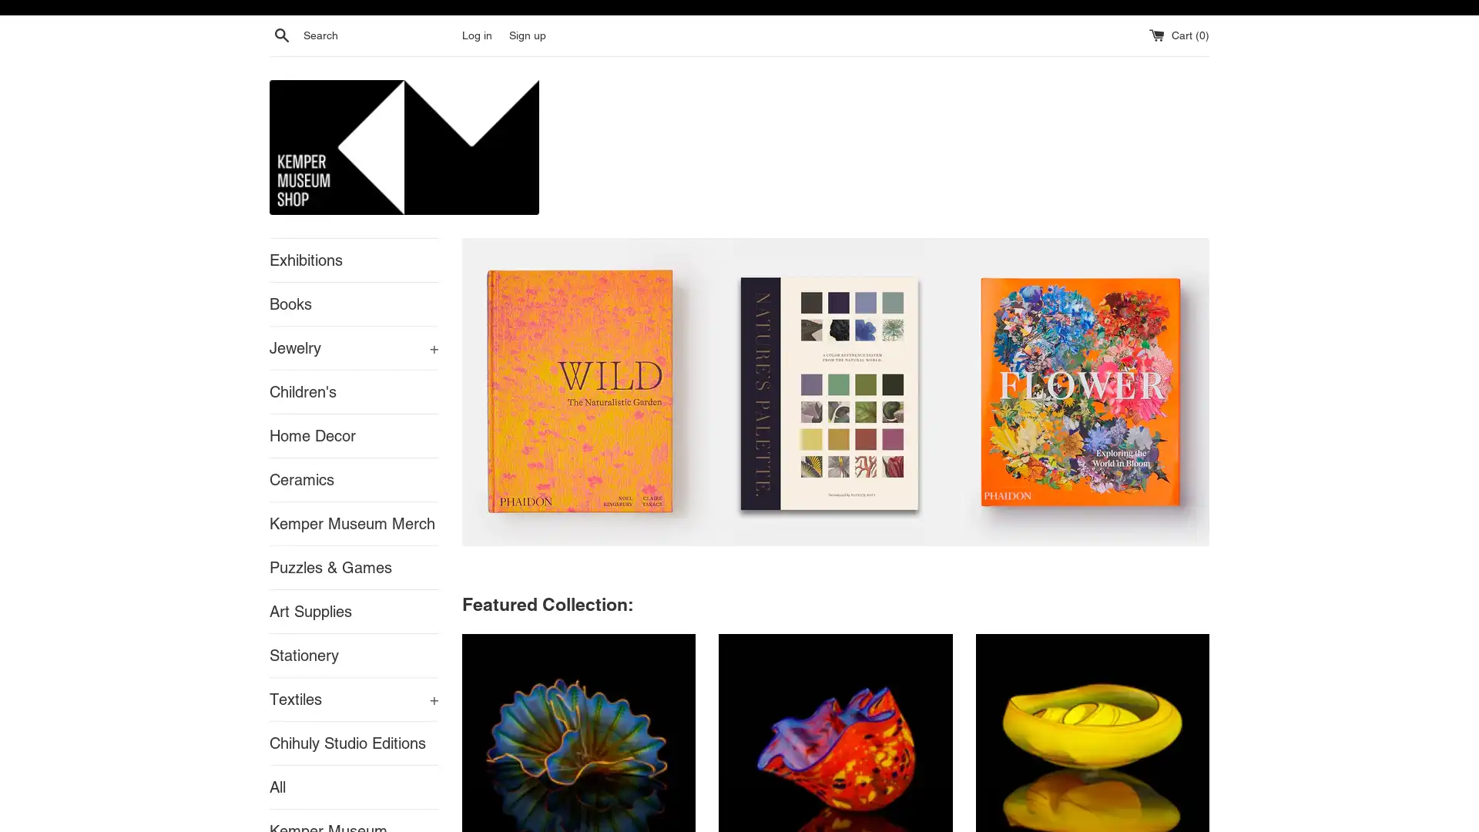  I want to click on Jewelry, so click(354, 347).